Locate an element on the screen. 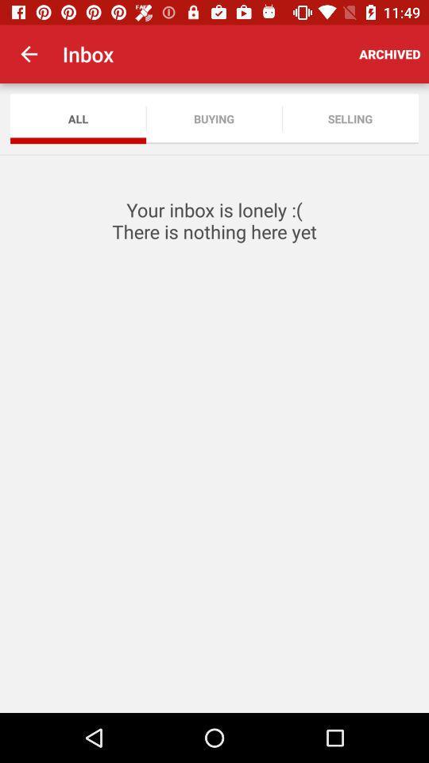 The width and height of the screenshot is (429, 763). all icon is located at coordinates (77, 118).